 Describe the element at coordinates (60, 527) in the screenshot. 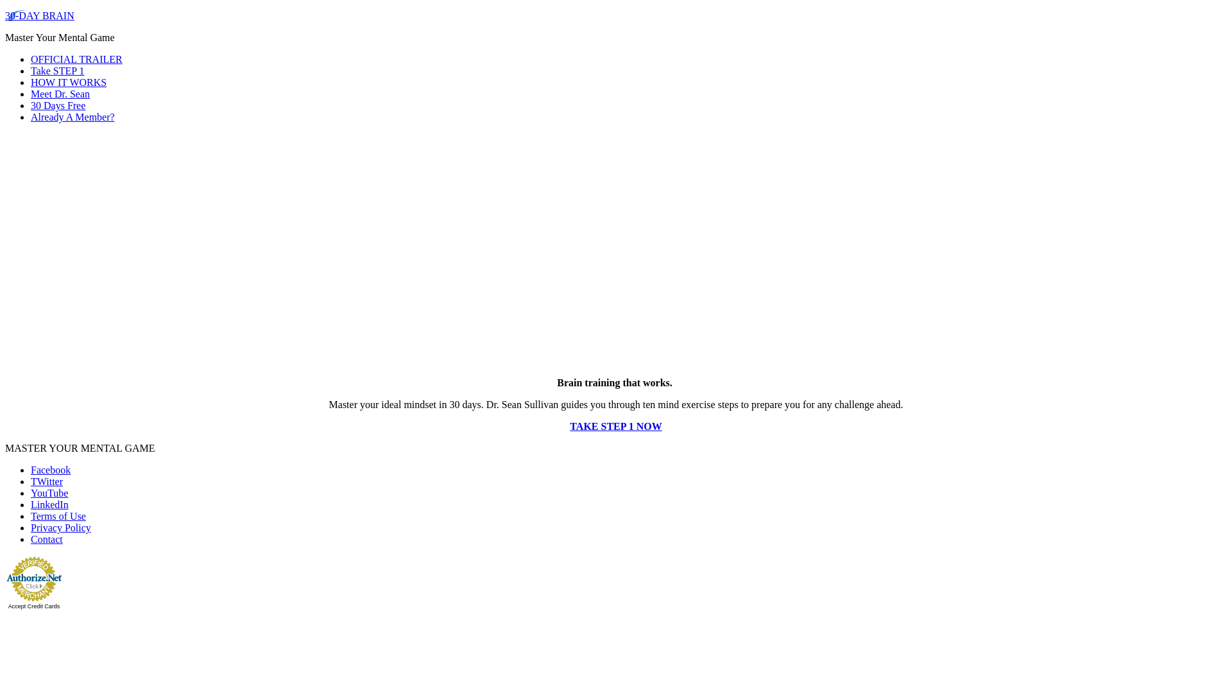

I see `'Privacy Policy'` at that location.